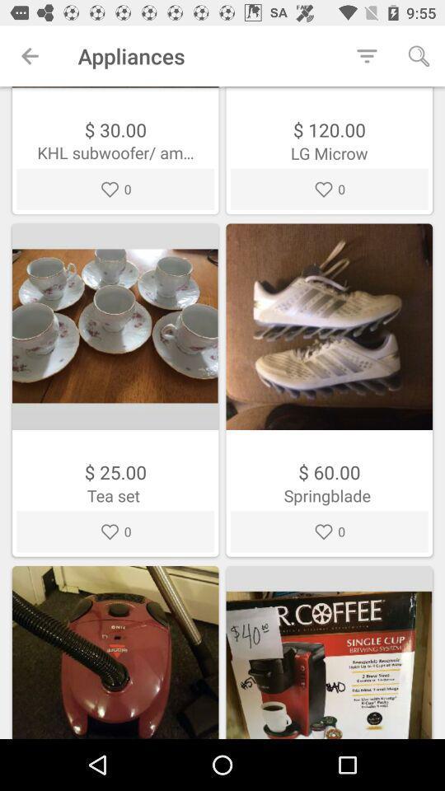  Describe the element at coordinates (329, 190) in the screenshot. I see `the button below the text lg microw` at that location.